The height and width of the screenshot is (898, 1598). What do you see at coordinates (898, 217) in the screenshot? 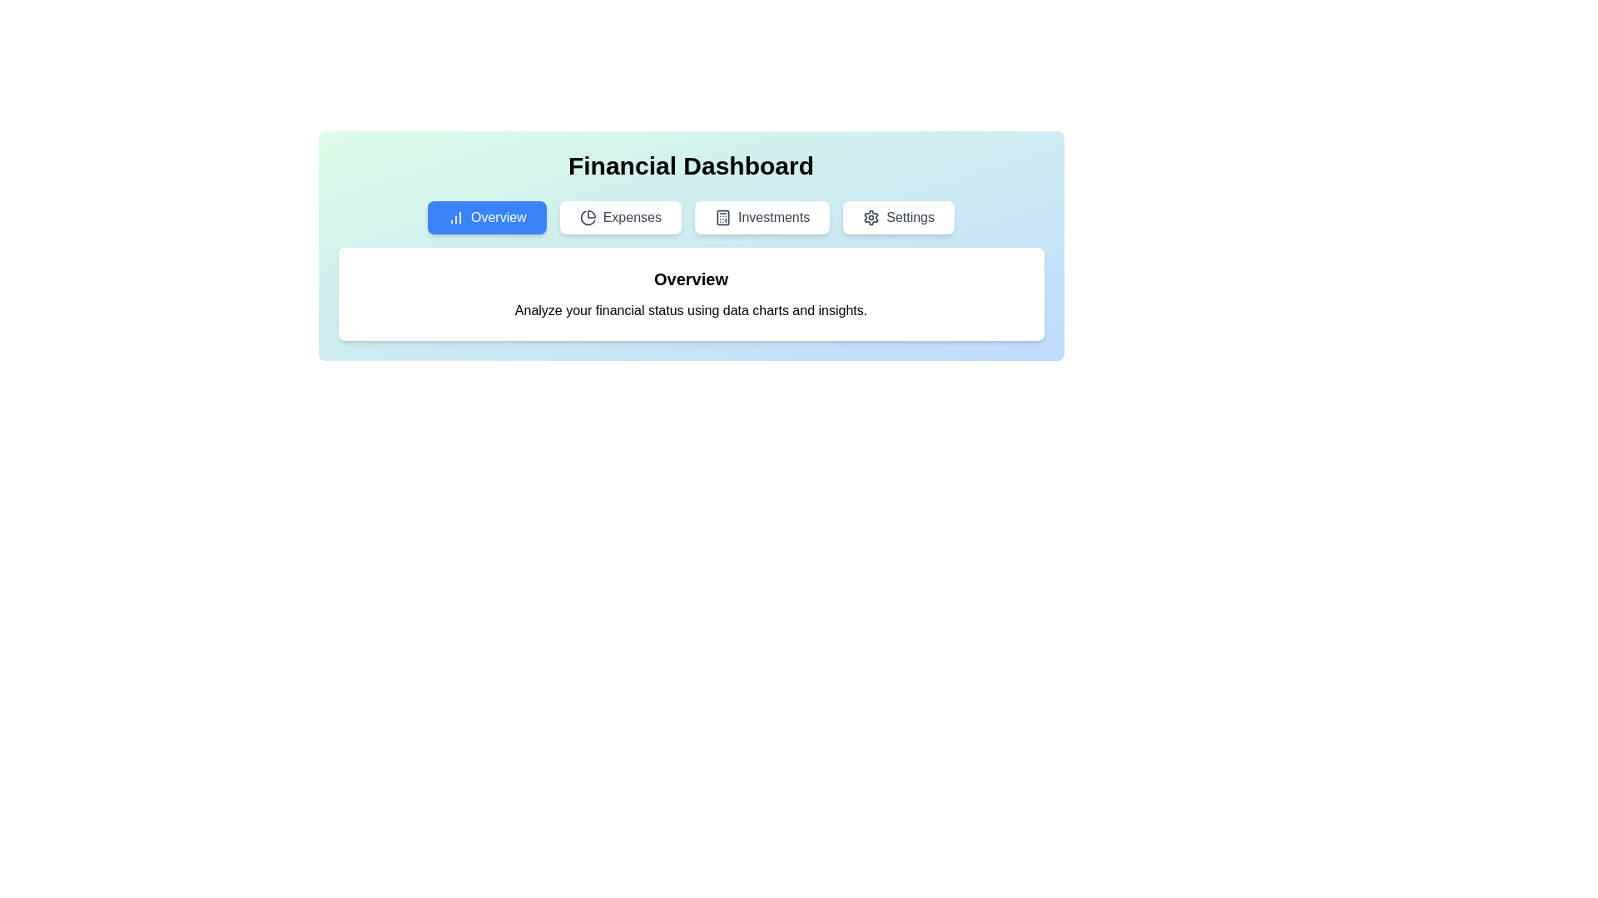
I see `the Settings tab by clicking on the respective tab button` at bounding box center [898, 217].